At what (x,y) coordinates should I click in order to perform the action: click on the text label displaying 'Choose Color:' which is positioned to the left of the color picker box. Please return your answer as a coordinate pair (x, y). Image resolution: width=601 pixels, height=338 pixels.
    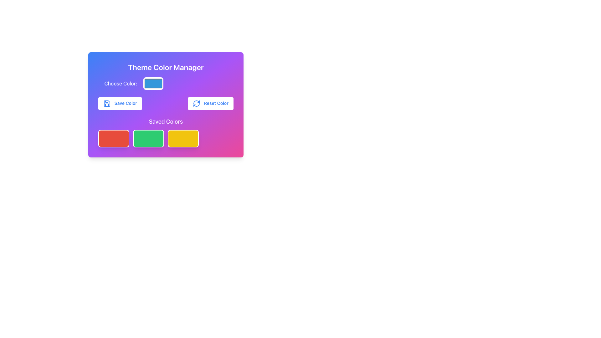
    Looking at the image, I should click on (121, 83).